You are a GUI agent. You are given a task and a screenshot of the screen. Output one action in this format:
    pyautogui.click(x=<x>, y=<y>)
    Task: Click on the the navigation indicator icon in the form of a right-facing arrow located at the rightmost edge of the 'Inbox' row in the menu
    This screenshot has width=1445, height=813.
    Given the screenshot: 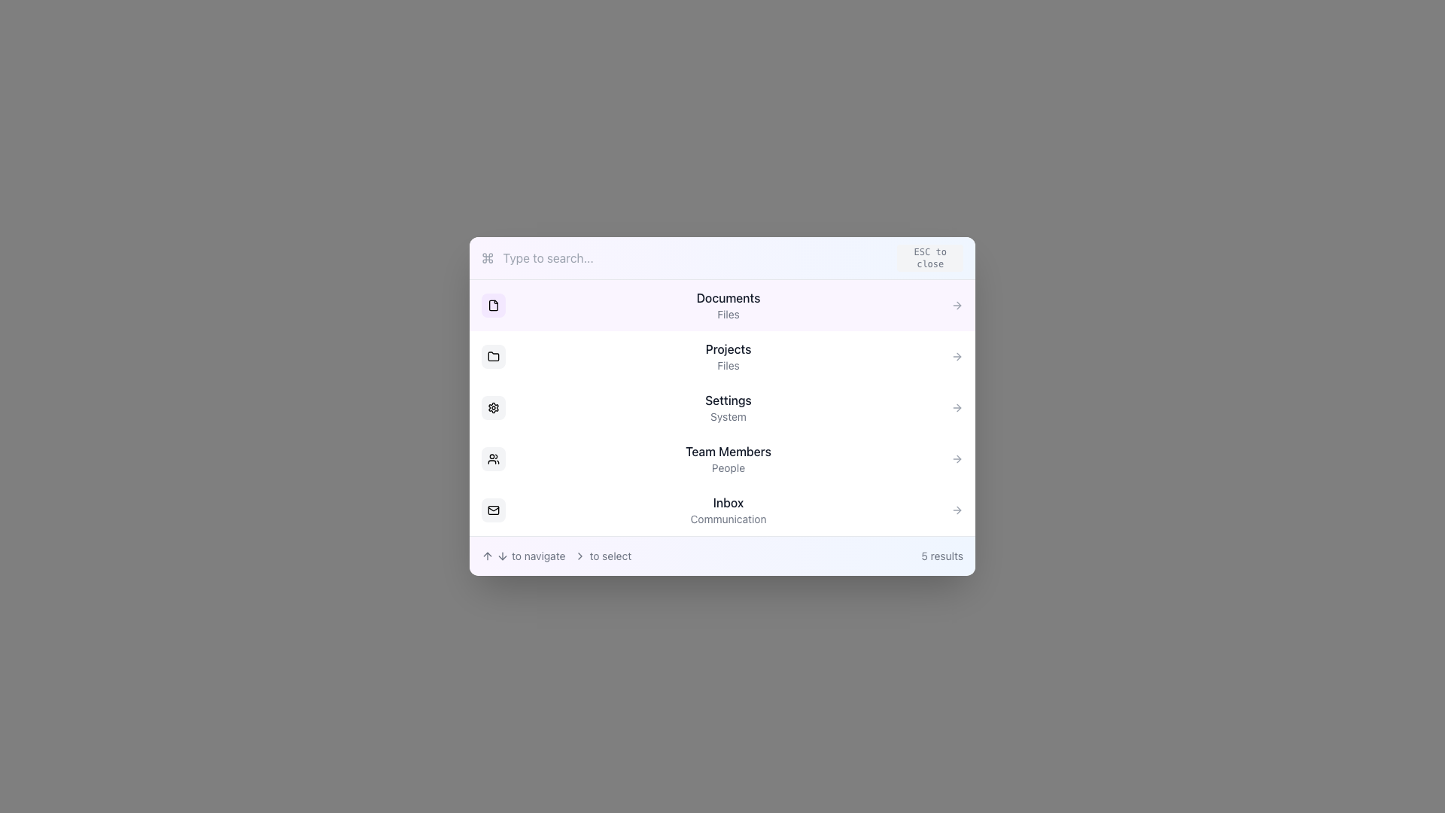 What is the action you would take?
    pyautogui.click(x=957, y=510)
    